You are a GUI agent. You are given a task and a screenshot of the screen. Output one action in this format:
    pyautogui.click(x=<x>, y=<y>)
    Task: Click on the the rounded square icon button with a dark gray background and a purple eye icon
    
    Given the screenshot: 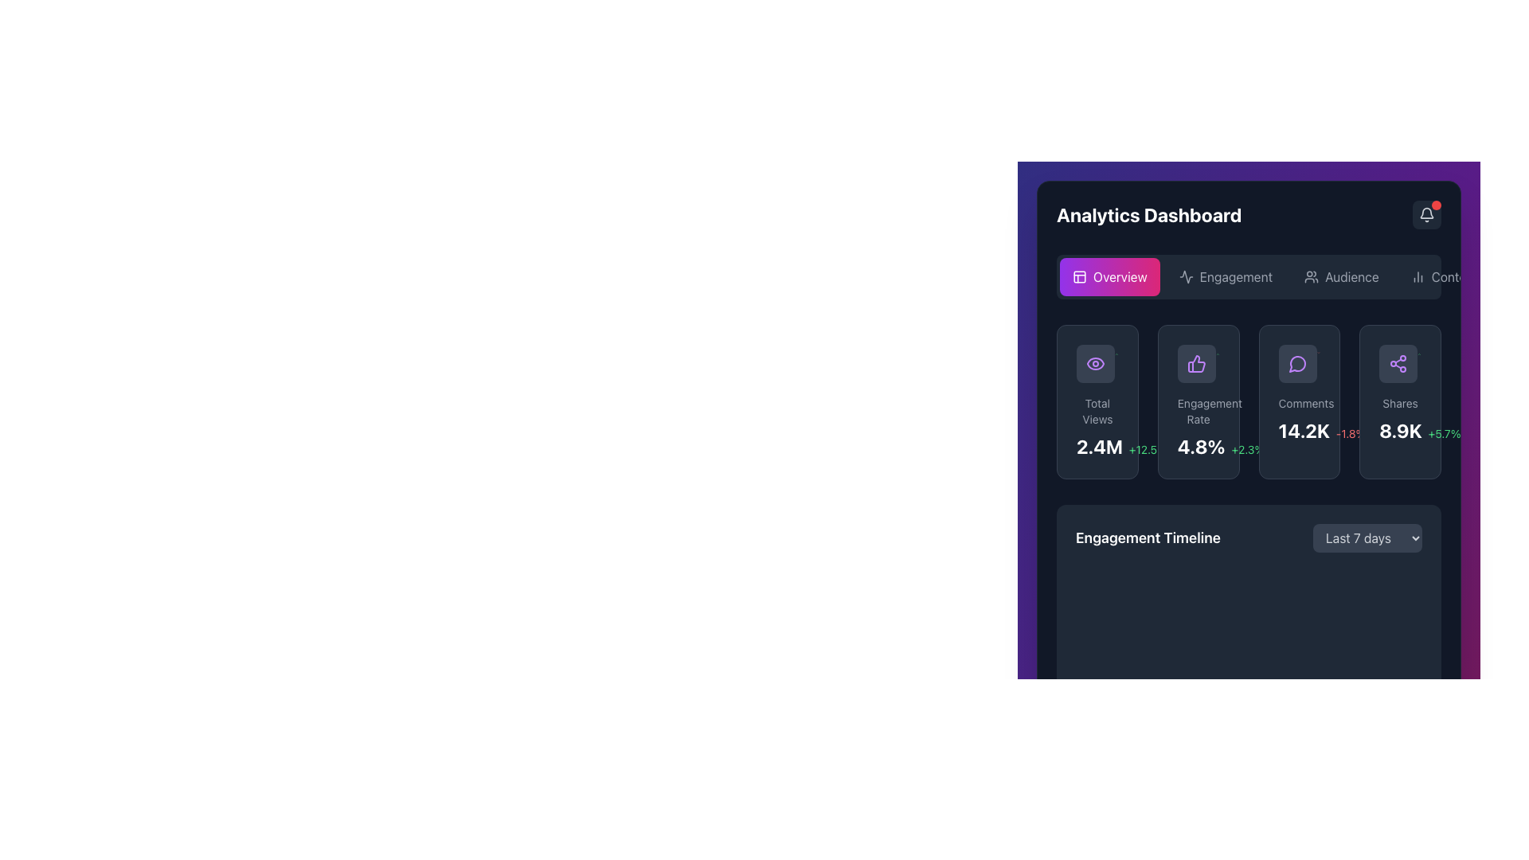 What is the action you would take?
    pyautogui.click(x=1095, y=363)
    